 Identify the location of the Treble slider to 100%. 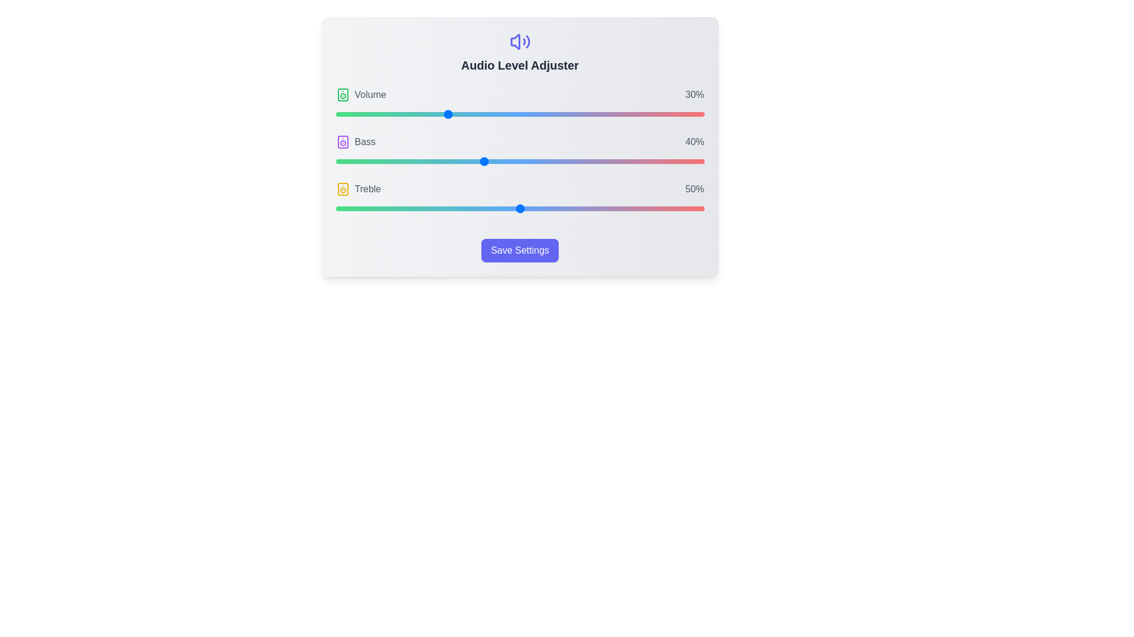
(704, 208).